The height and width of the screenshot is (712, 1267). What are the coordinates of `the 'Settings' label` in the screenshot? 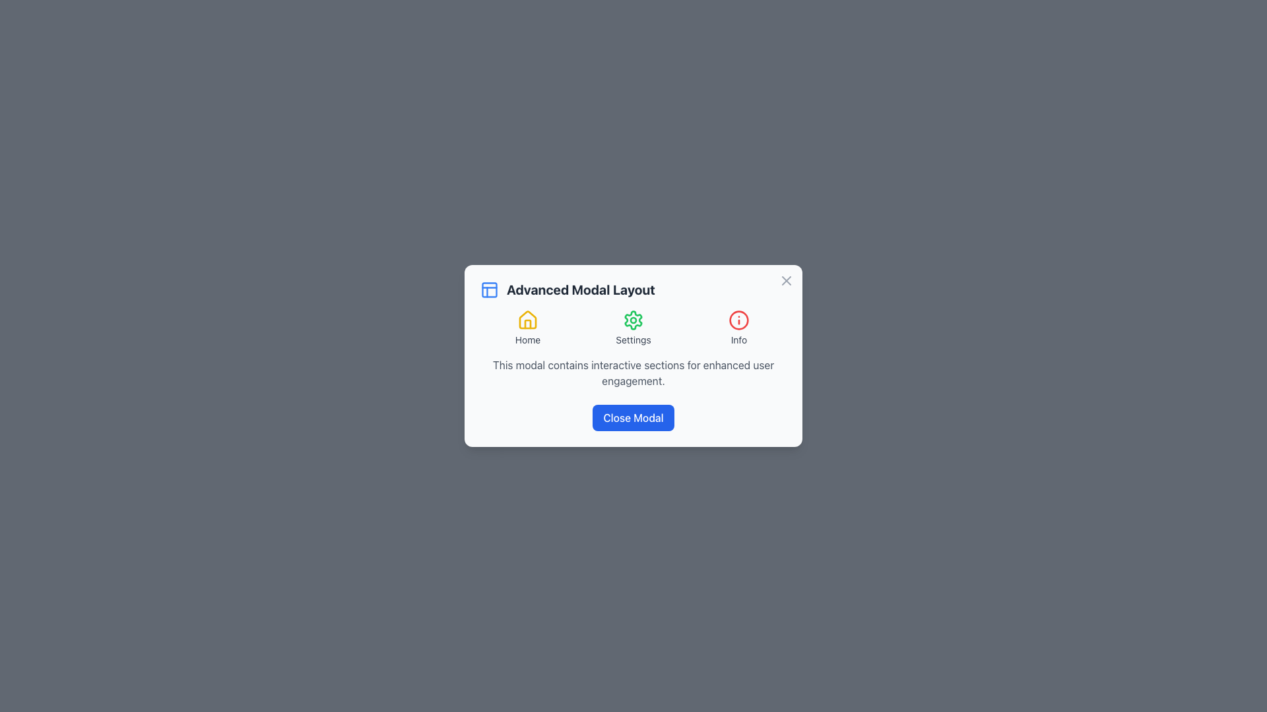 It's located at (633, 340).